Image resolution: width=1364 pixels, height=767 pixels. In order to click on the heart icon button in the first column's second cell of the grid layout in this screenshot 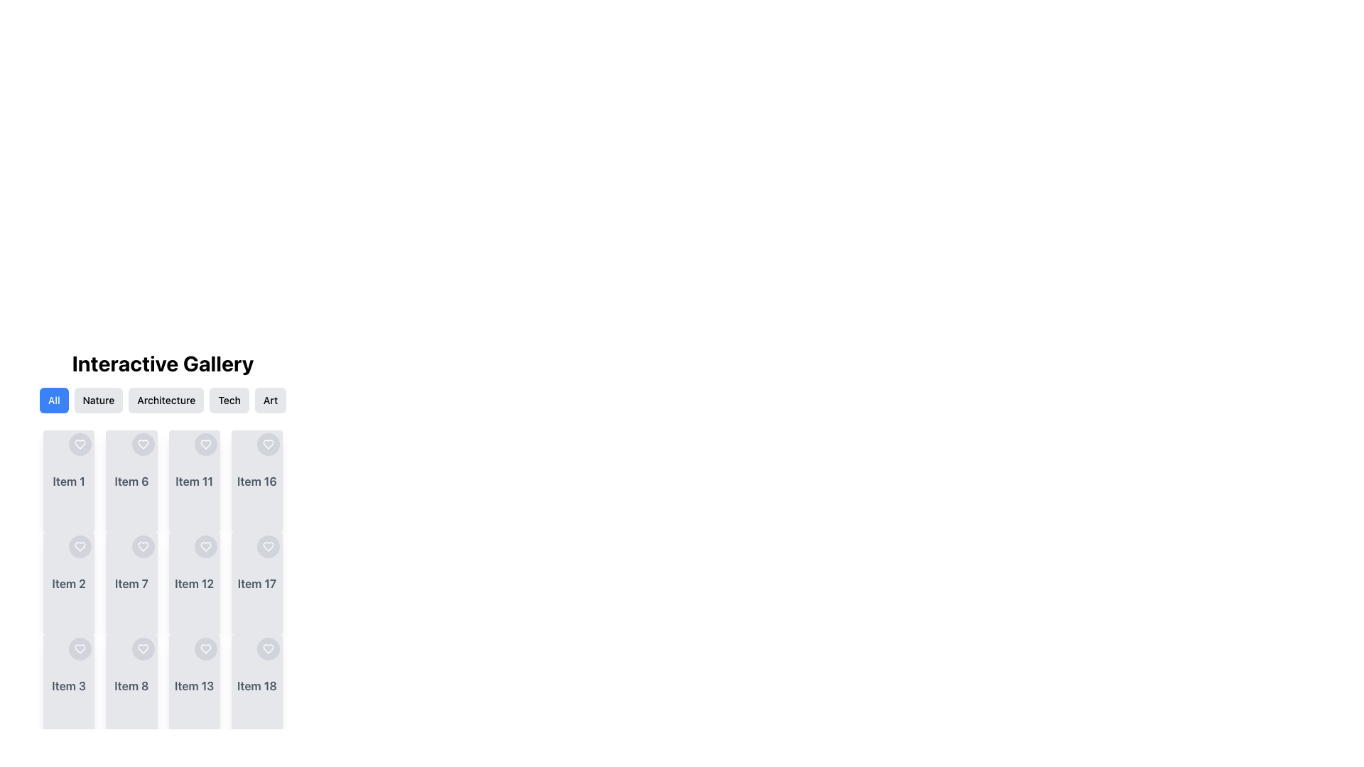, I will do `click(80, 546)`.